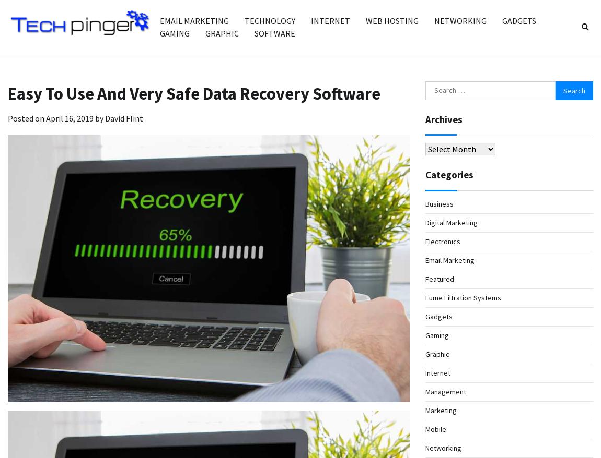  I want to click on 'Featured', so click(439, 278).